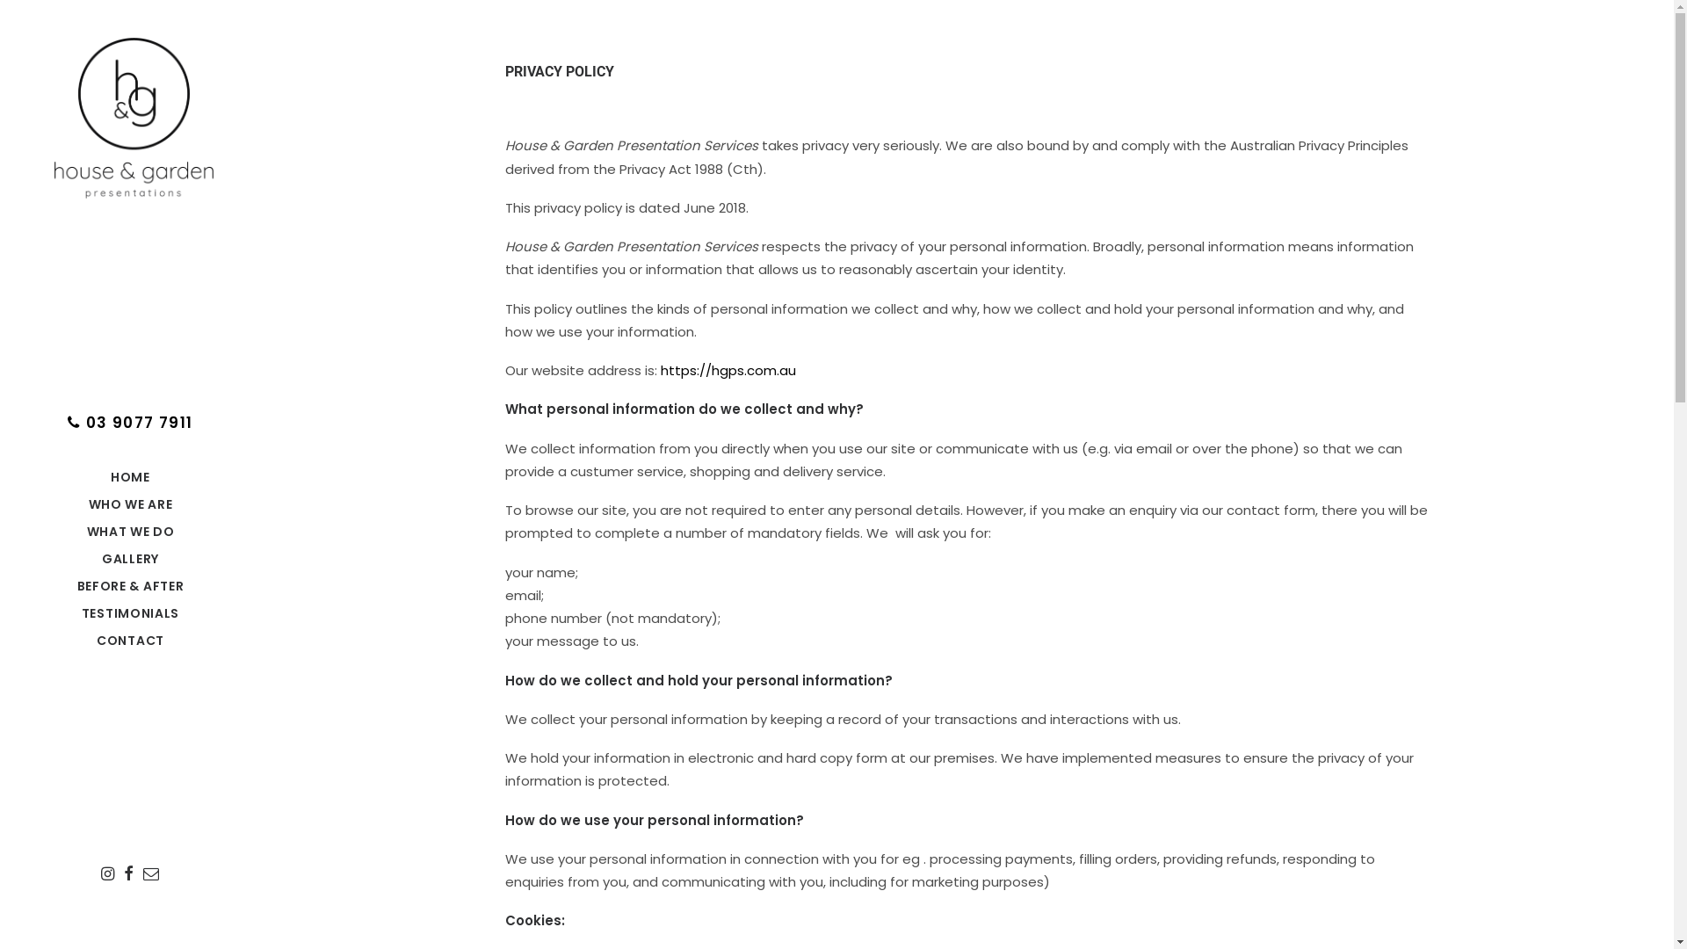 The height and width of the screenshot is (949, 1687). What do you see at coordinates (728, 369) in the screenshot?
I see `'https://hgps.com.au'` at bounding box center [728, 369].